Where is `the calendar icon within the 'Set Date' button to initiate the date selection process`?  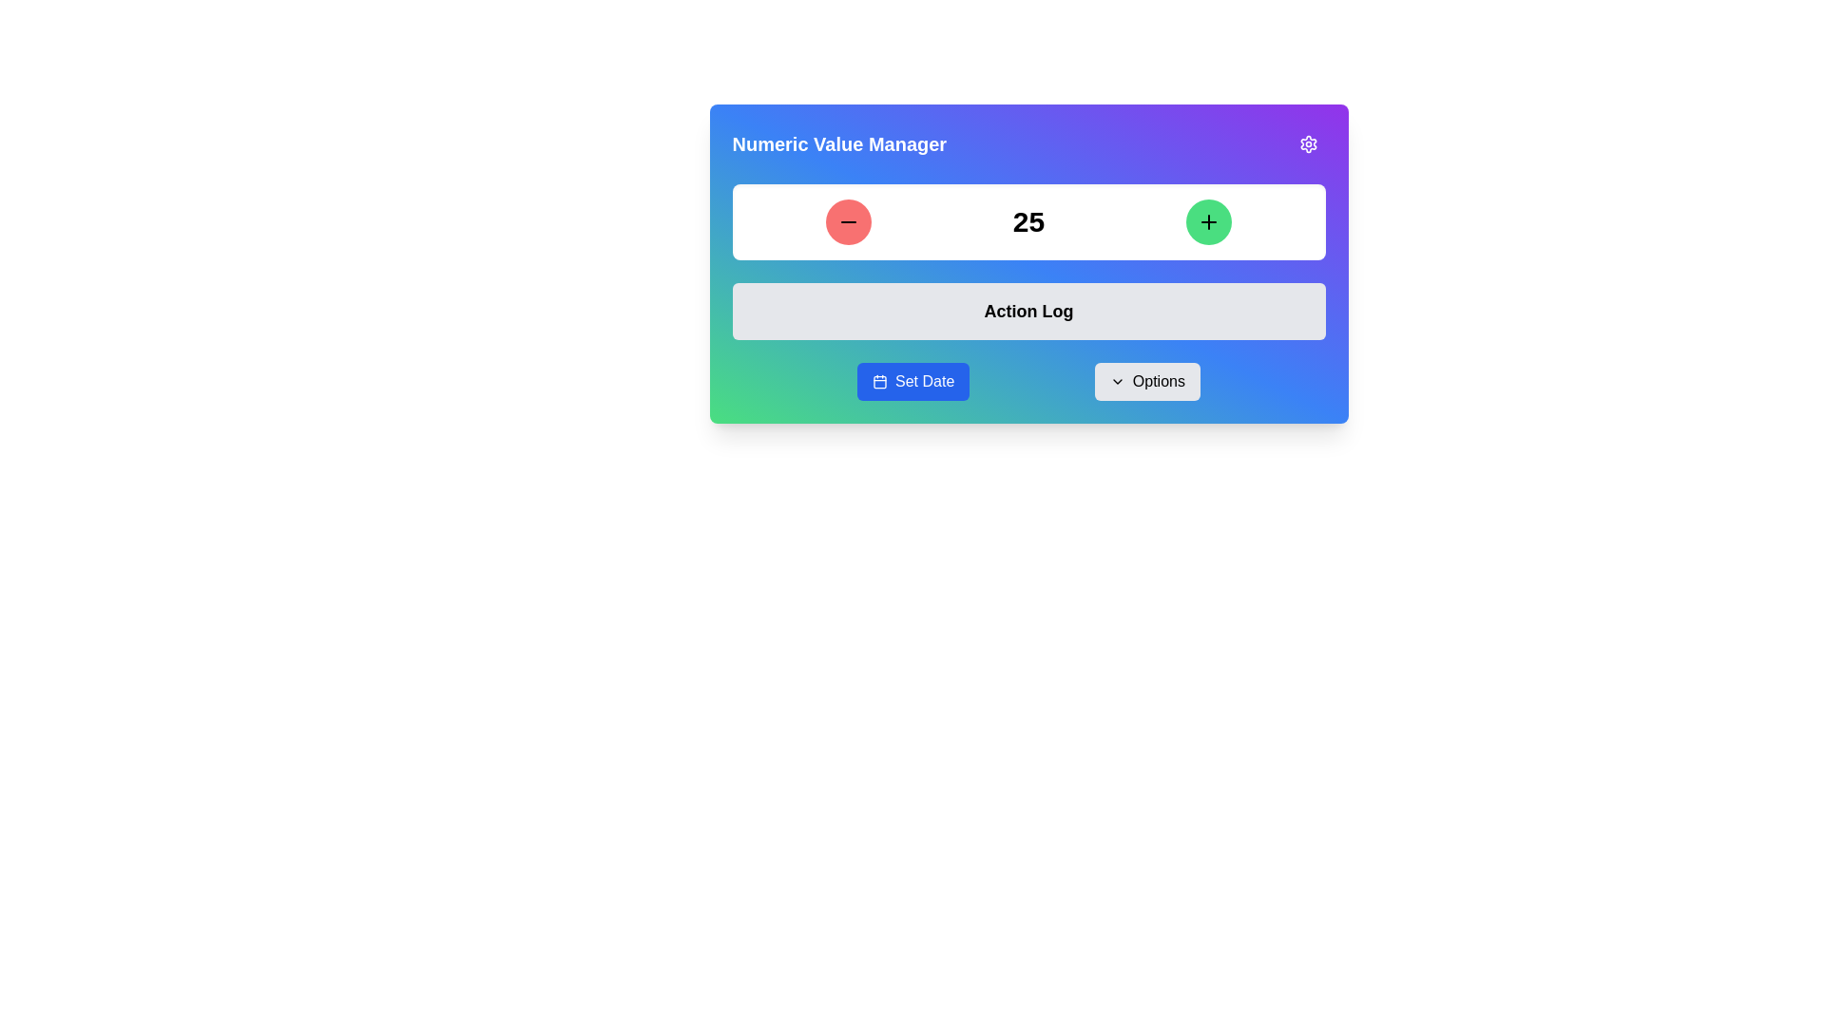
the calendar icon within the 'Set Date' button to initiate the date selection process is located at coordinates (879, 381).